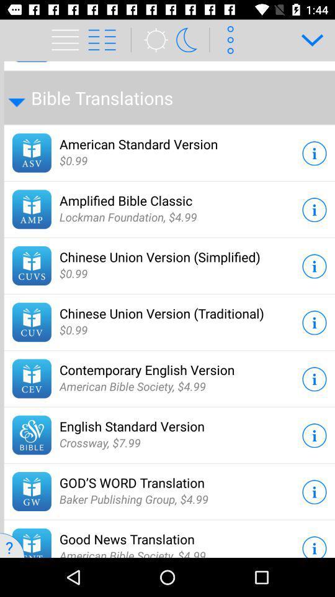 Image resolution: width=335 pixels, height=597 pixels. What do you see at coordinates (108, 40) in the screenshot?
I see `the menu icon` at bounding box center [108, 40].